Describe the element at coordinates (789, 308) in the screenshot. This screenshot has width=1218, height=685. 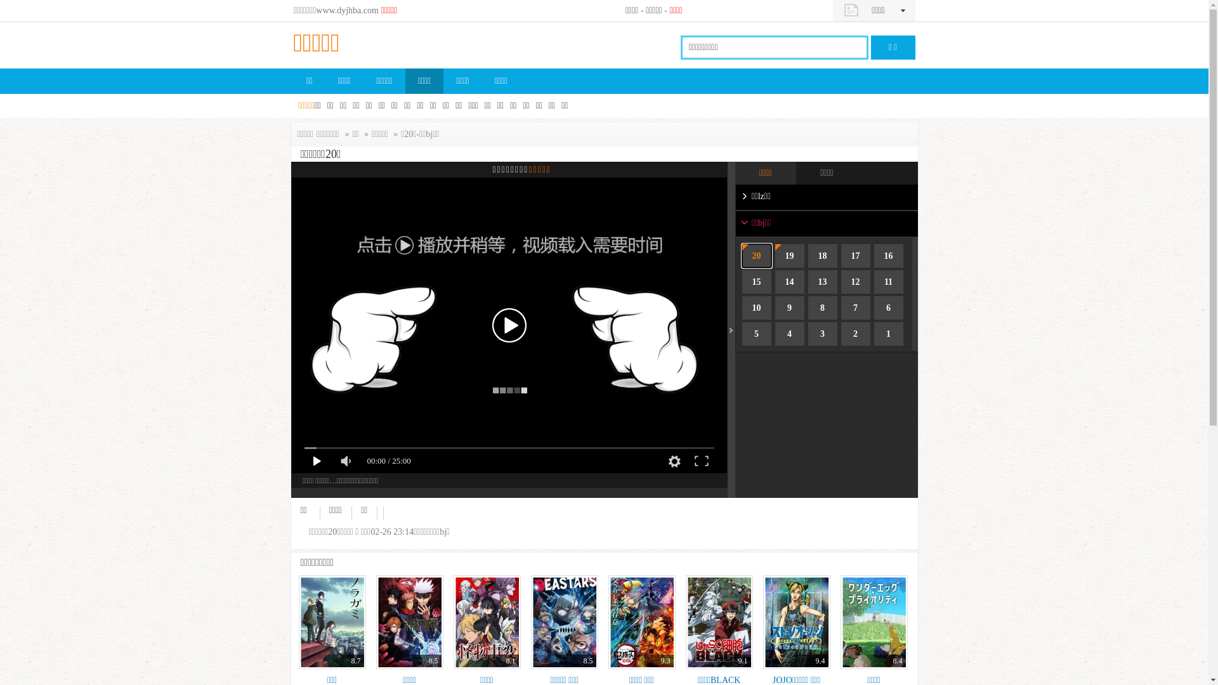
I see `'9'` at that location.